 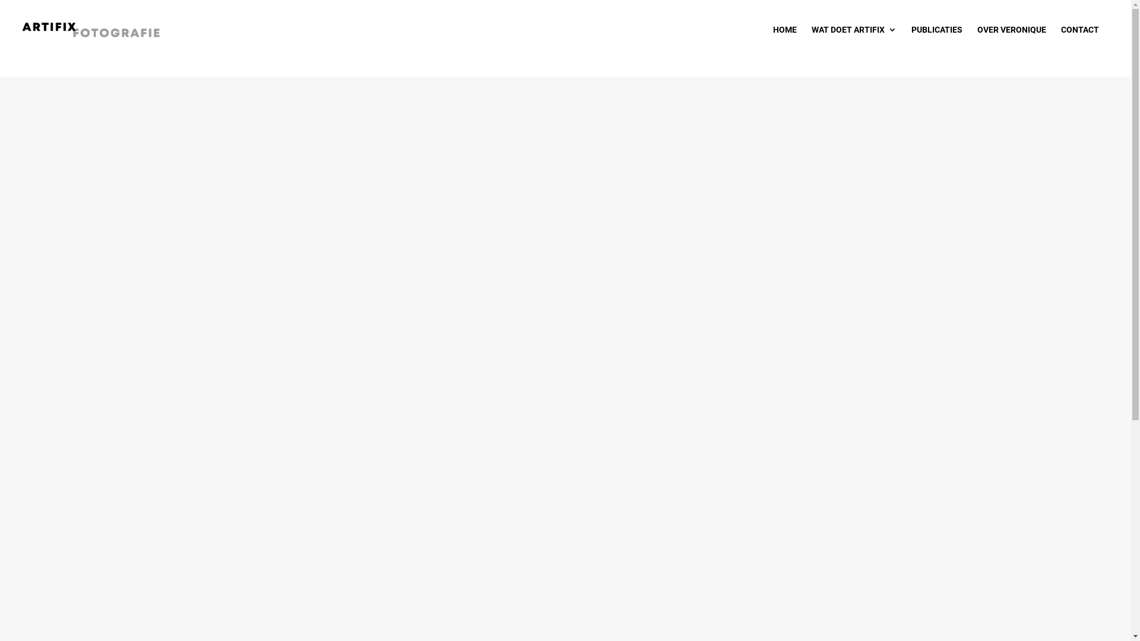 What do you see at coordinates (784, 39) in the screenshot?
I see `'HOME'` at bounding box center [784, 39].